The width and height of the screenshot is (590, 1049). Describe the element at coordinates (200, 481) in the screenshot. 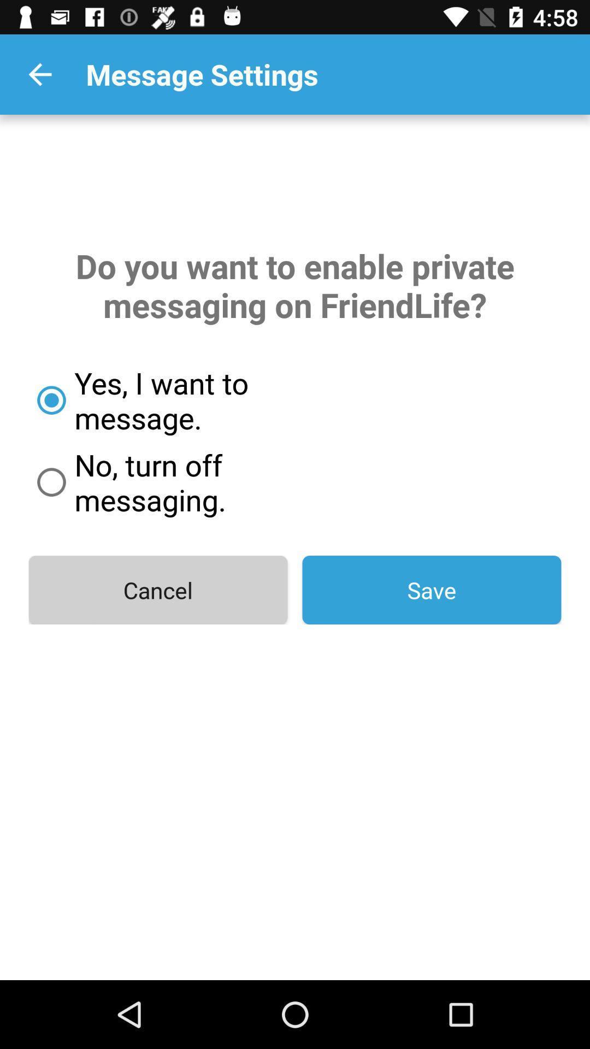

I see `the no turn off item` at that location.